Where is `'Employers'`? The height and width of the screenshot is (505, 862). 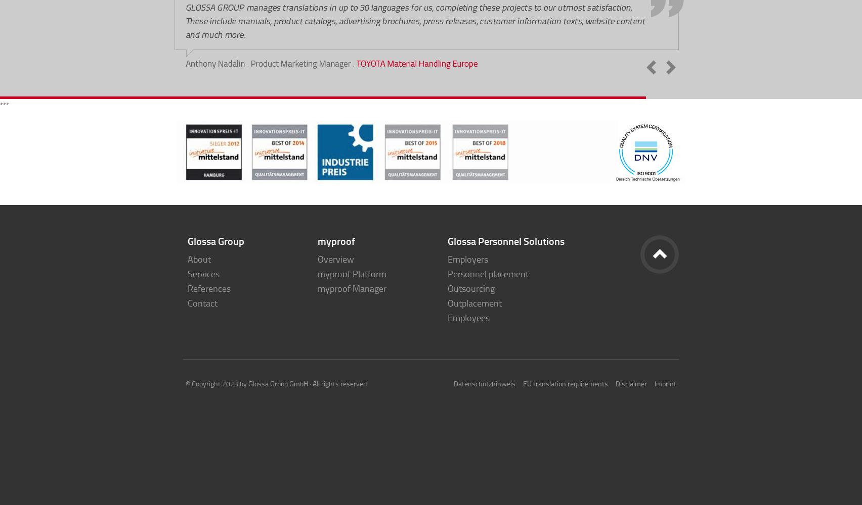
'Employers' is located at coordinates (467, 259).